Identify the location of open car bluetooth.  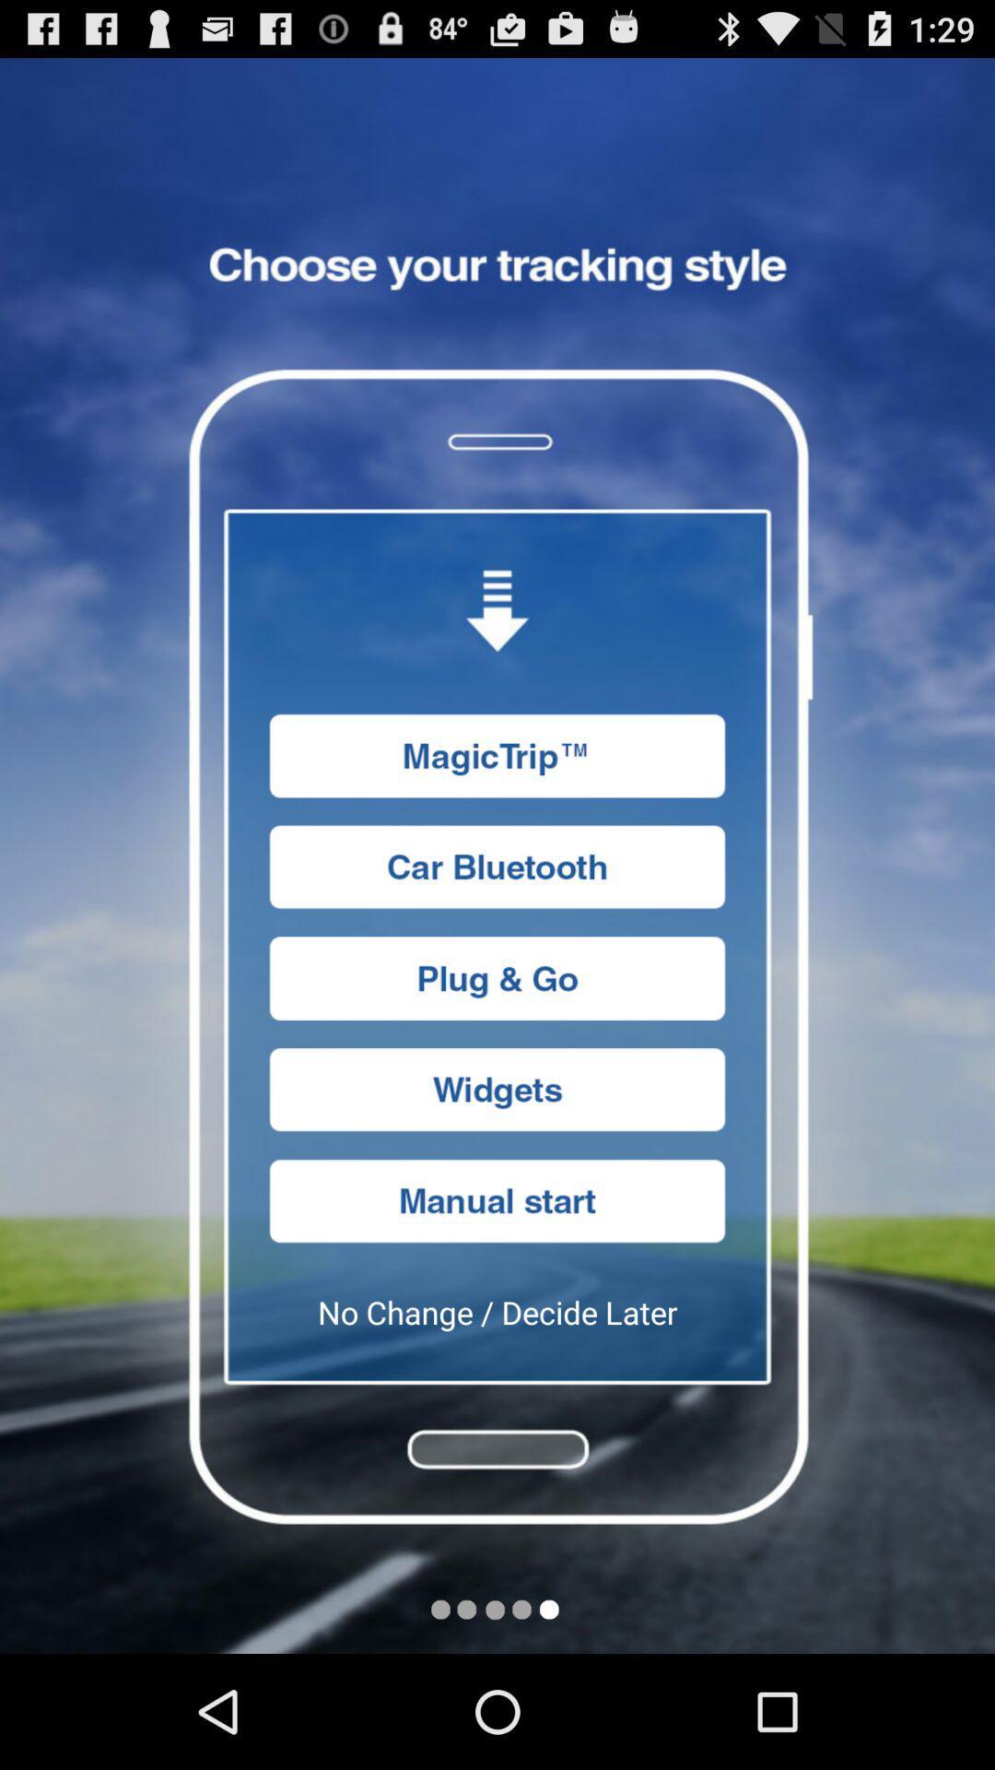
(497, 866).